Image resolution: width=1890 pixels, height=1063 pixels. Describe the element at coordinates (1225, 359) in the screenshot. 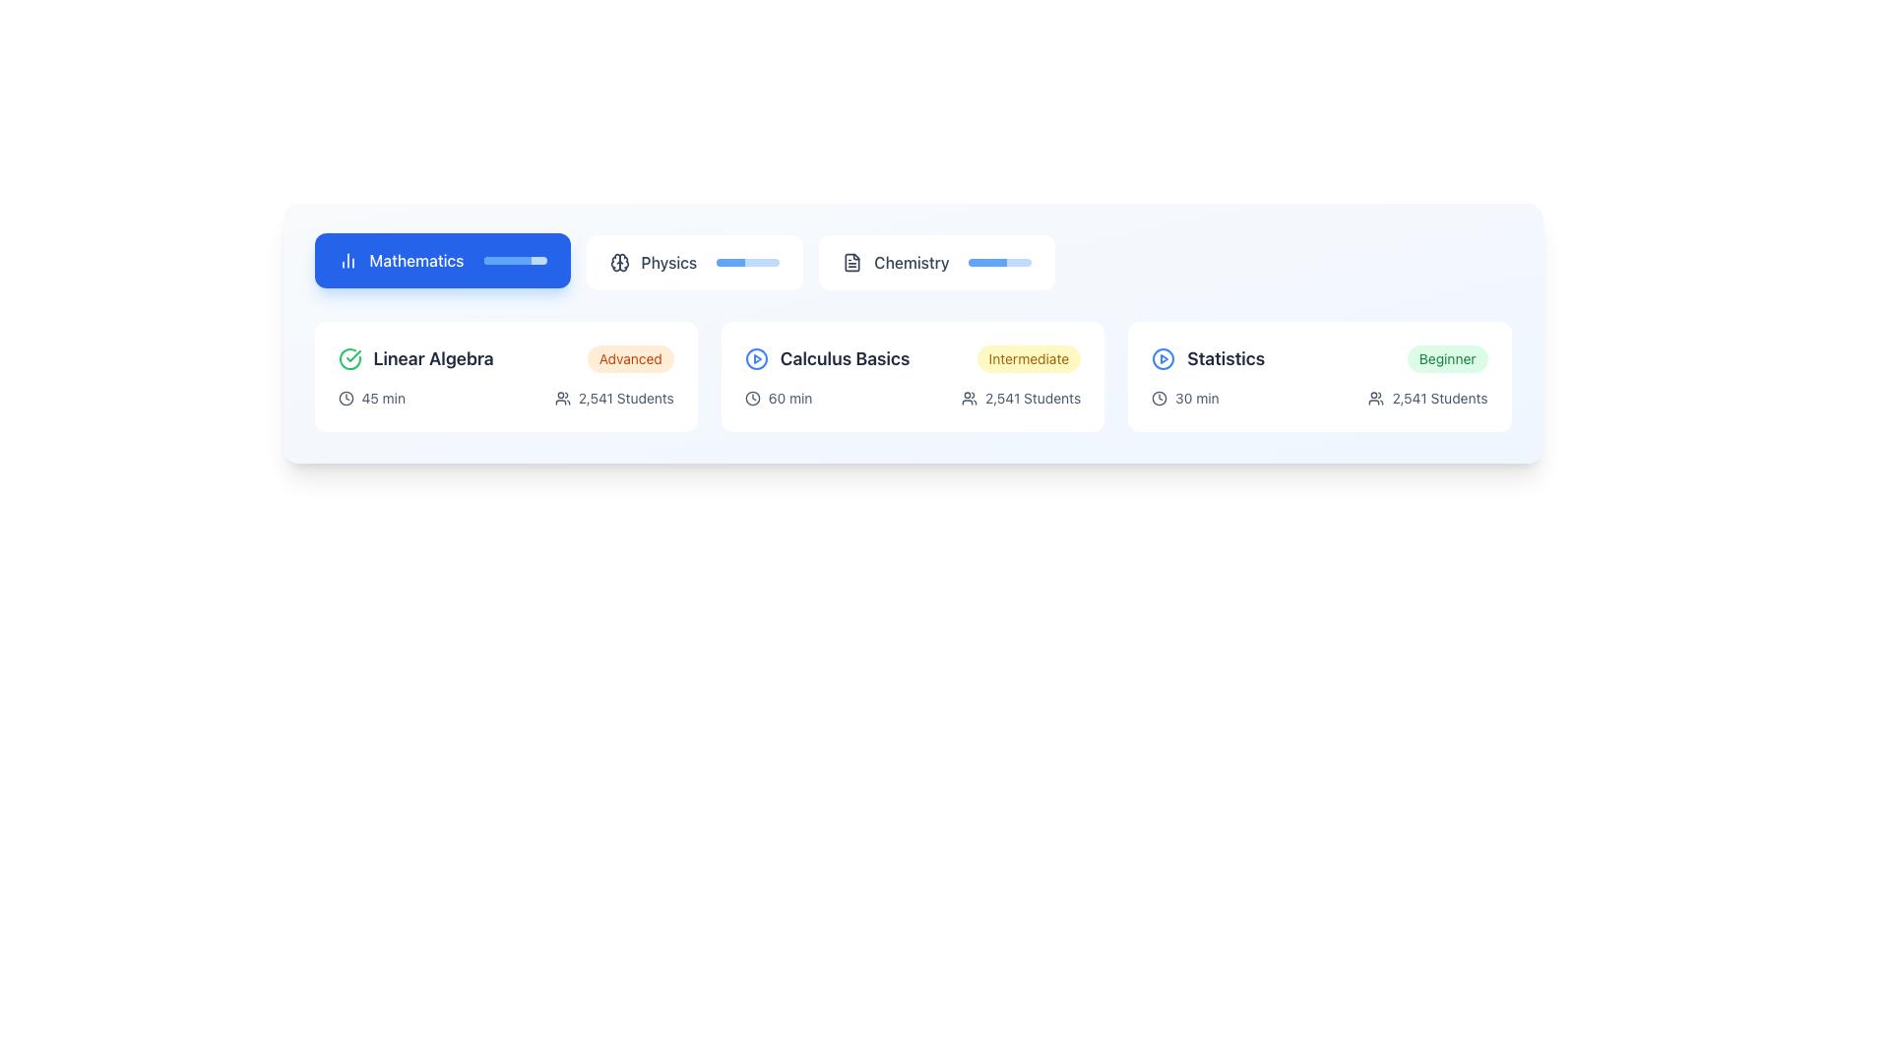

I see `the 'Statistics' course title text label located at the bottom right of the course card, following the blue play icon` at that location.